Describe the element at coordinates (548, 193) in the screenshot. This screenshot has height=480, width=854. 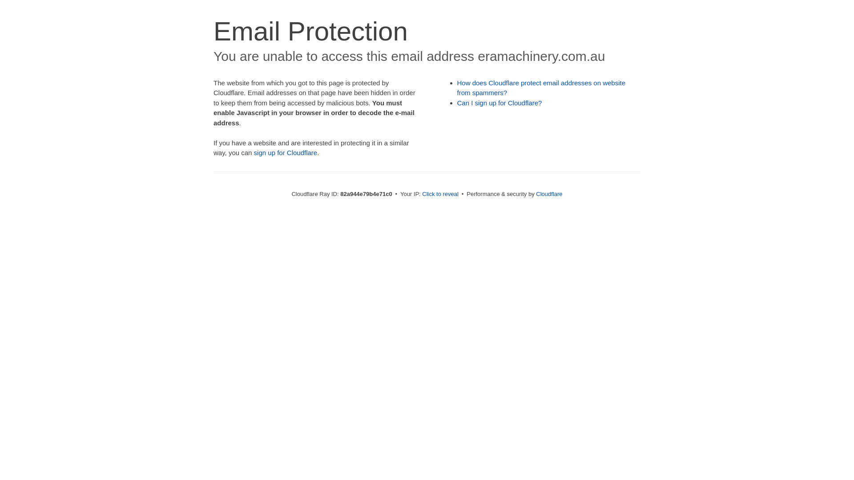
I see `'Cloudflare'` at that location.